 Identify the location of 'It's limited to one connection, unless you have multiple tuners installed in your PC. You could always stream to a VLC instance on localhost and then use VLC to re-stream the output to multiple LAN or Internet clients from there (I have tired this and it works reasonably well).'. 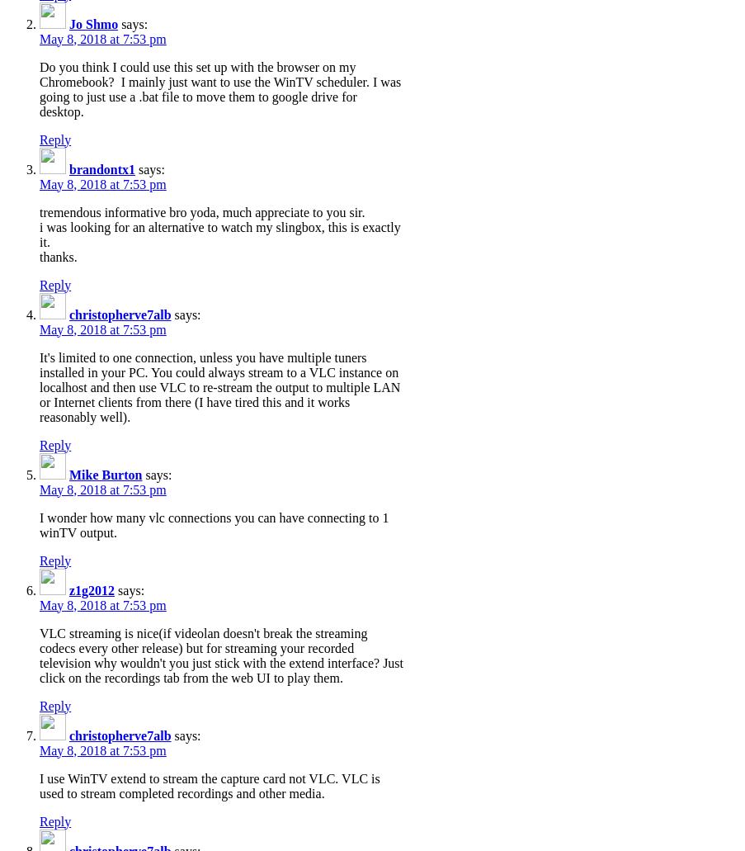
(219, 386).